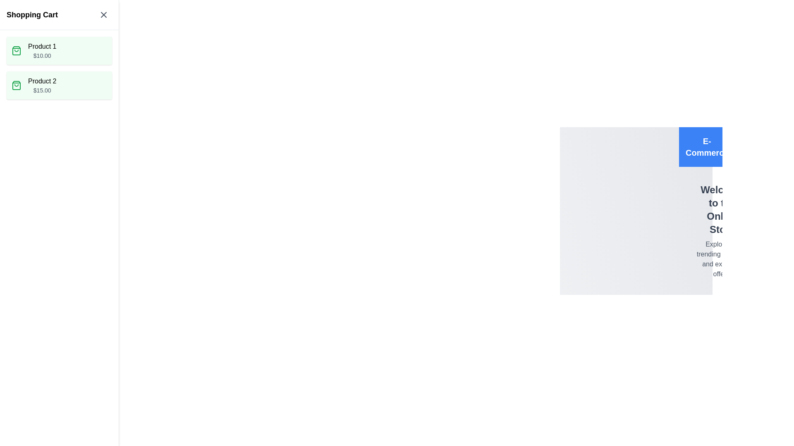 The width and height of the screenshot is (794, 446). I want to click on the text label displaying 'Product 2' priced at $15.00 in the shopping cart, located below 'Product 1 - $10.00', so click(42, 85).